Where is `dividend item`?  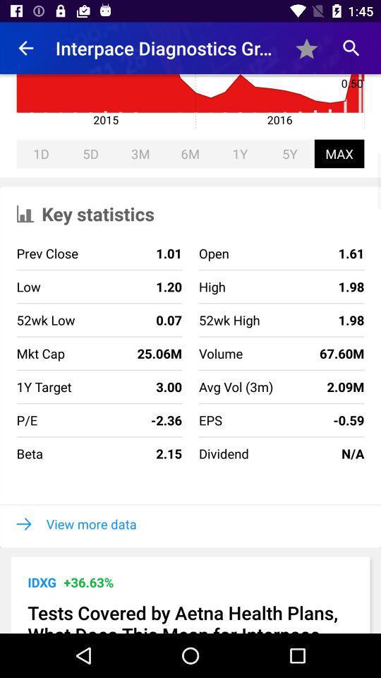
dividend item is located at coordinates (224, 453).